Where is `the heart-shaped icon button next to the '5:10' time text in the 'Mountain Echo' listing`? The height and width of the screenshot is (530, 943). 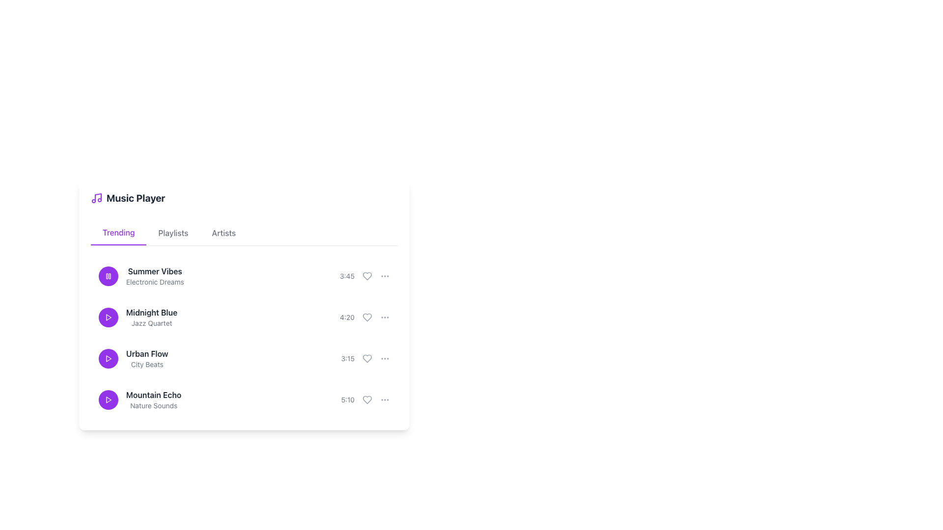 the heart-shaped icon button next to the '5:10' time text in the 'Mountain Echo' listing is located at coordinates (367, 399).